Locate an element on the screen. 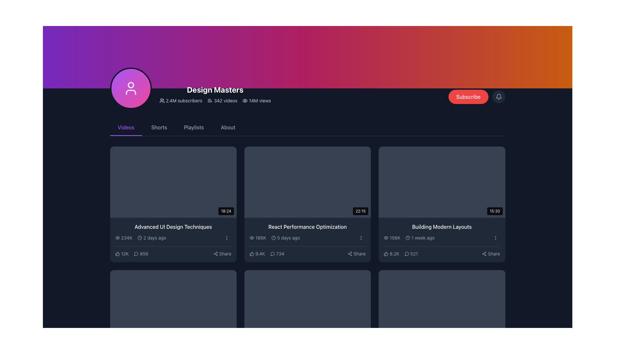 This screenshot has height=351, width=624. text displaying the total number of videos available on the channel, which is centrally positioned between '2.4M subscribers' and '14M views' below the channel name is located at coordinates (222, 100).